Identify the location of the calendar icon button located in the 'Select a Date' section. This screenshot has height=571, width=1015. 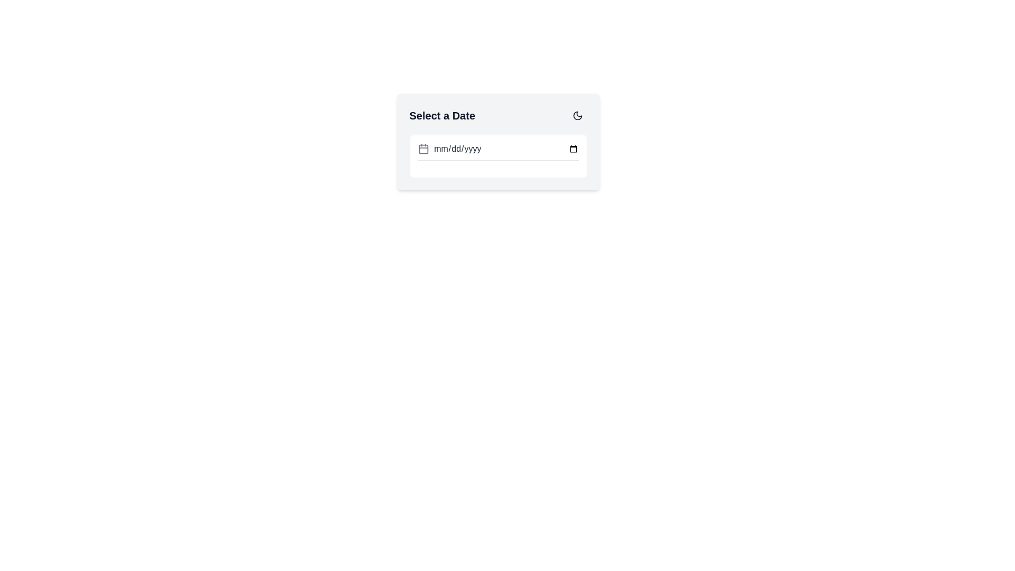
(423, 149).